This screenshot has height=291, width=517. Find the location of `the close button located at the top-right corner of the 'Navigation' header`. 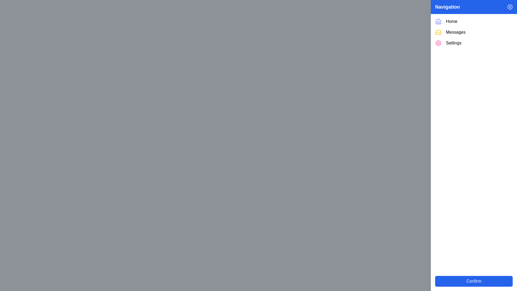

the close button located at the top-right corner of the 'Navigation' header is located at coordinates (510, 7).